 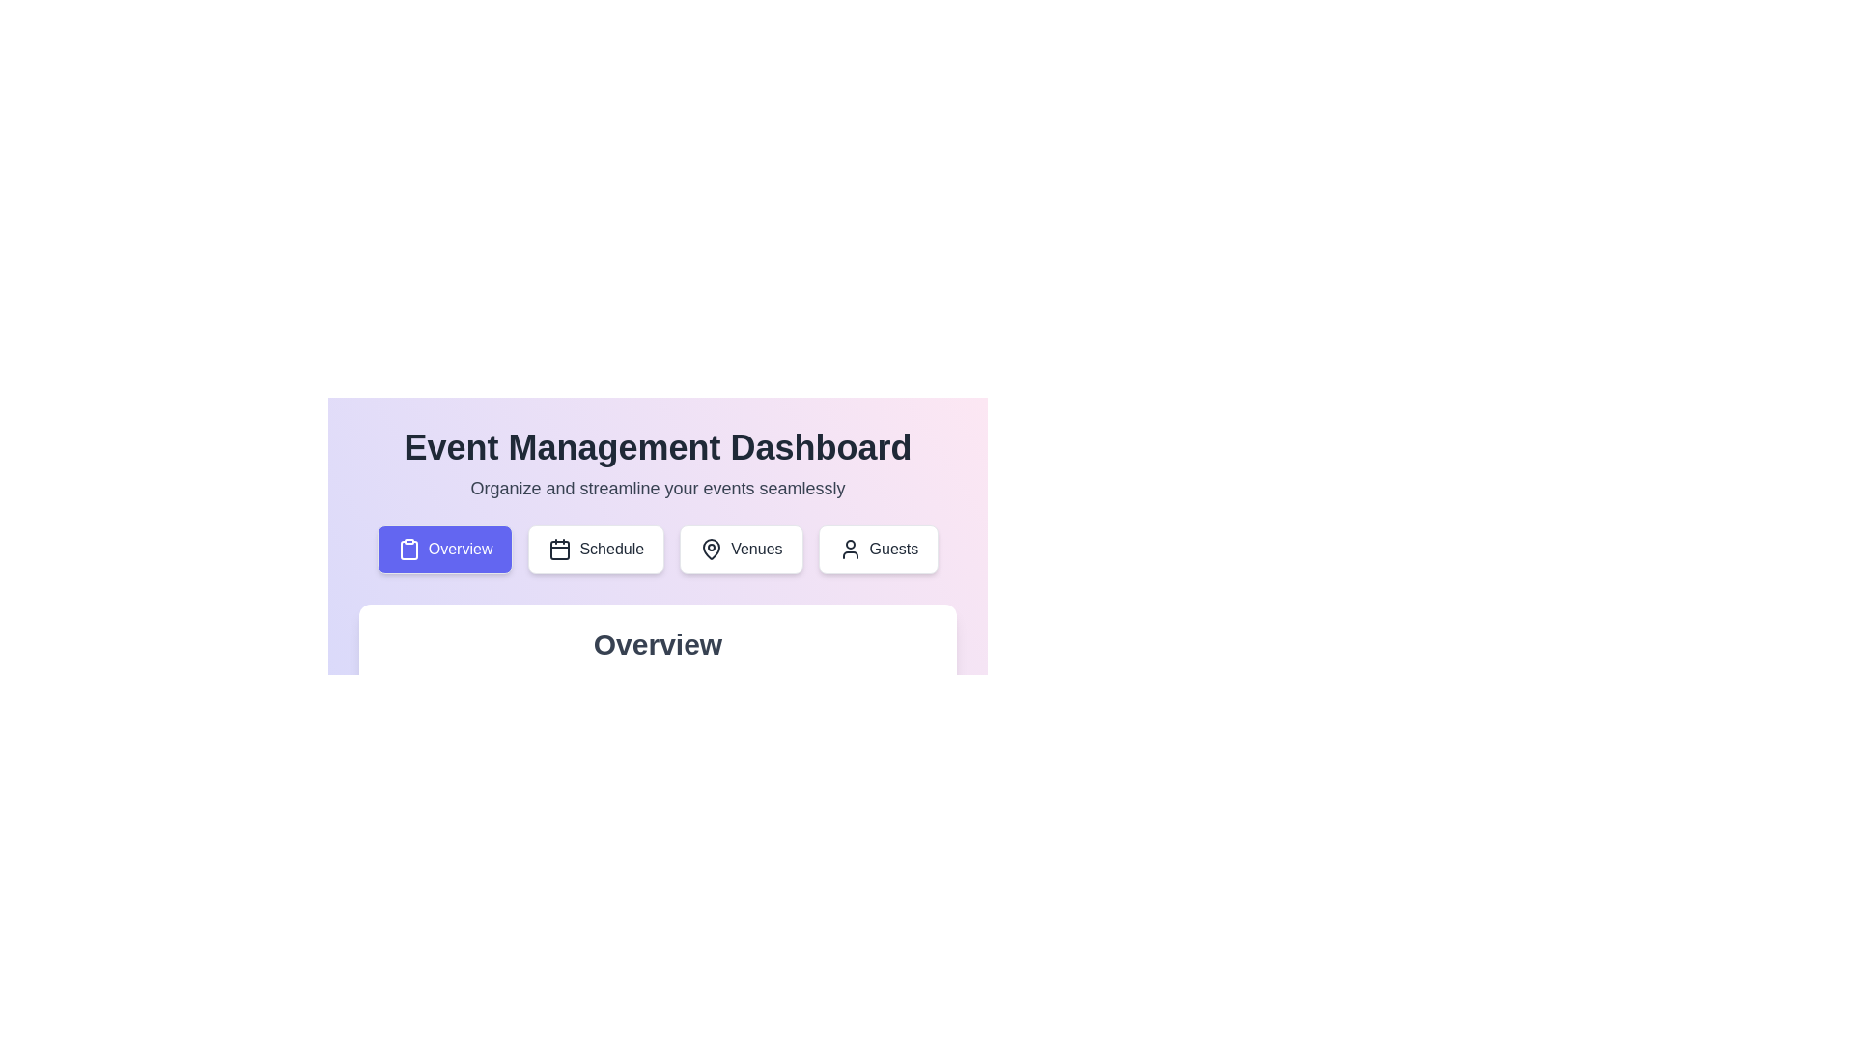 What do you see at coordinates (595, 550) in the screenshot?
I see `the Schedule tab by clicking on its button` at bounding box center [595, 550].